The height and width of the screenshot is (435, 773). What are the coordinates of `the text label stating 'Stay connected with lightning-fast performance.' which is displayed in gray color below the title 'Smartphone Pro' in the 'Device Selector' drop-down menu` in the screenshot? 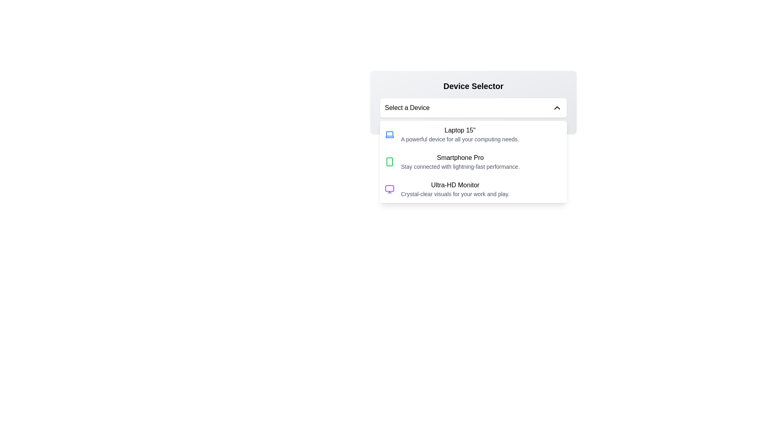 It's located at (460, 166).